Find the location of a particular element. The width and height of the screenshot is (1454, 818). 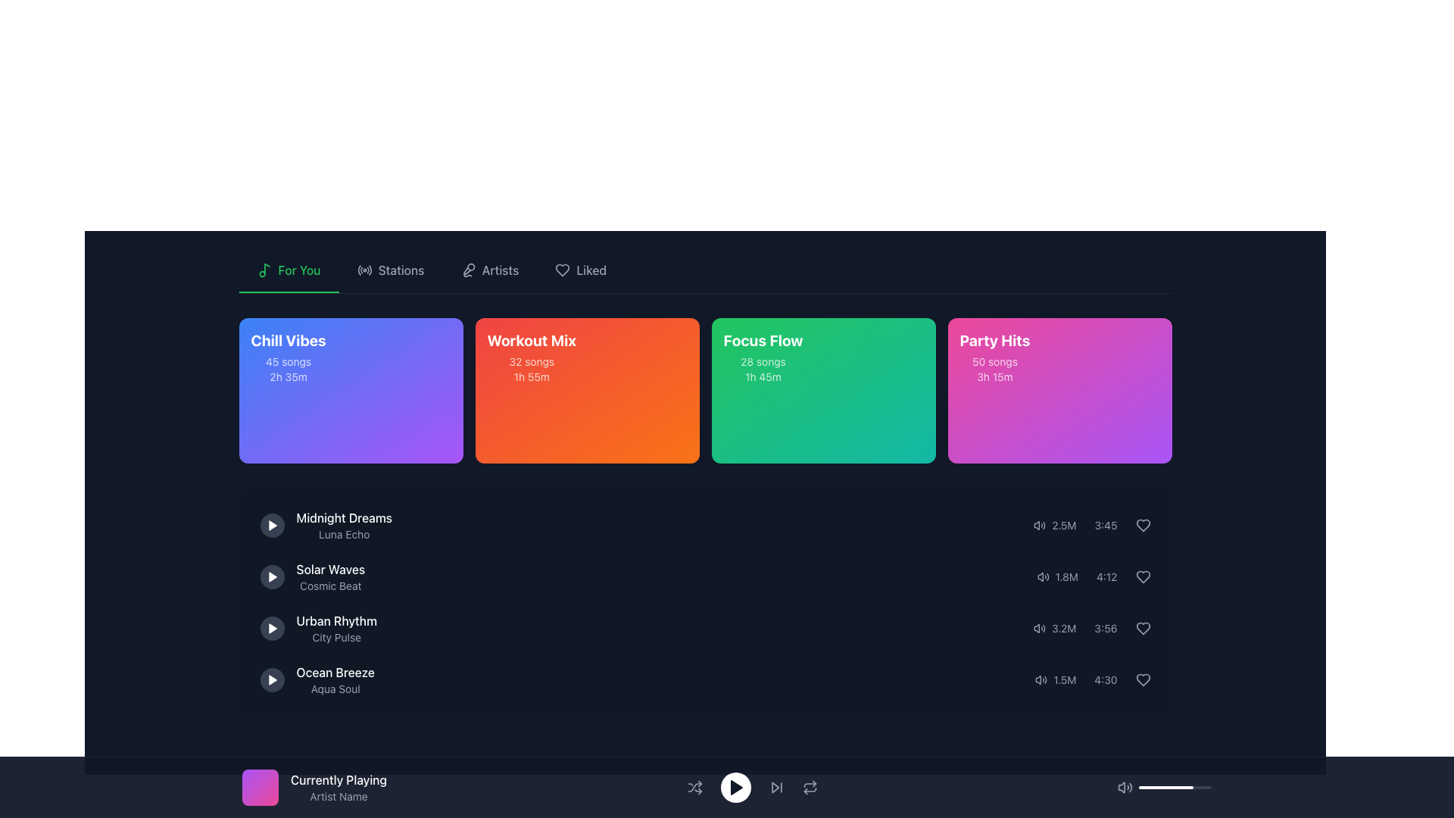

the 'like' button located at the far-right end of the track details row, which toggles between 'liked' and 'unliked' states is located at coordinates (1143, 679).